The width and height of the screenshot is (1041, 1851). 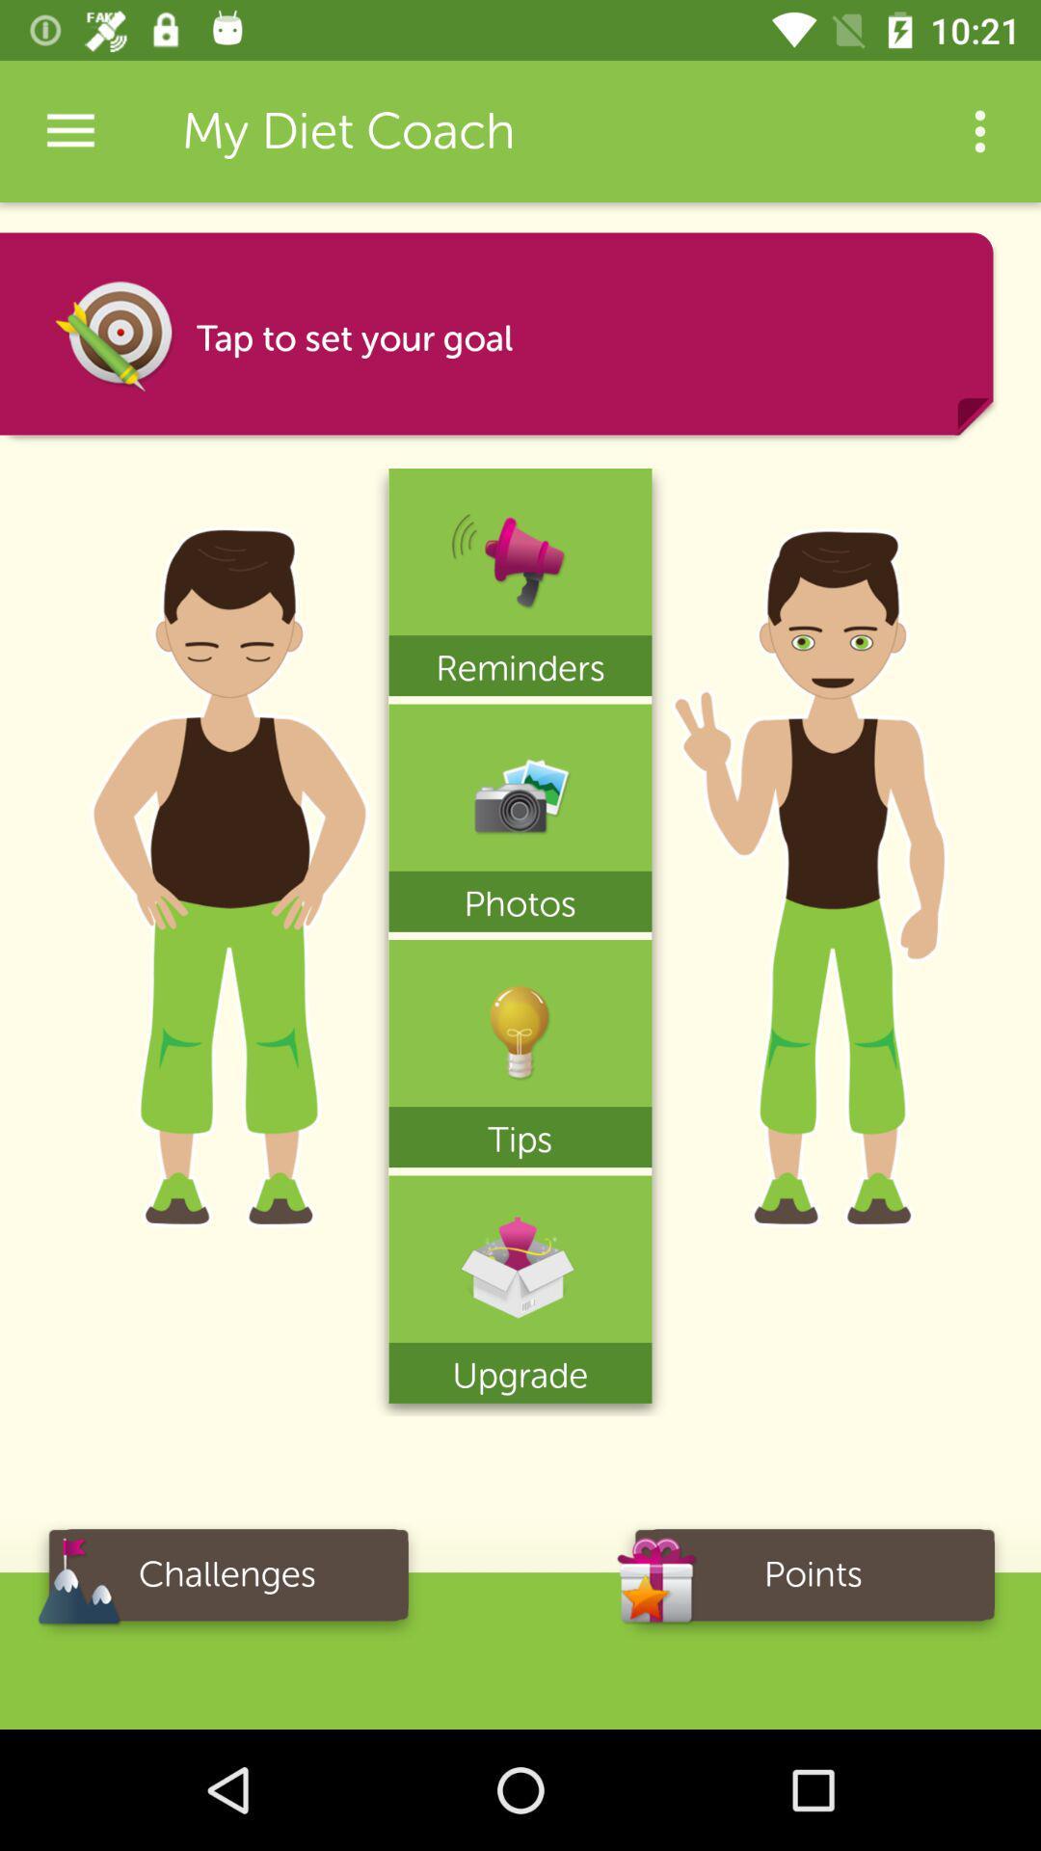 What do you see at coordinates (980, 130) in the screenshot?
I see `icon to the right of my diet coach` at bounding box center [980, 130].